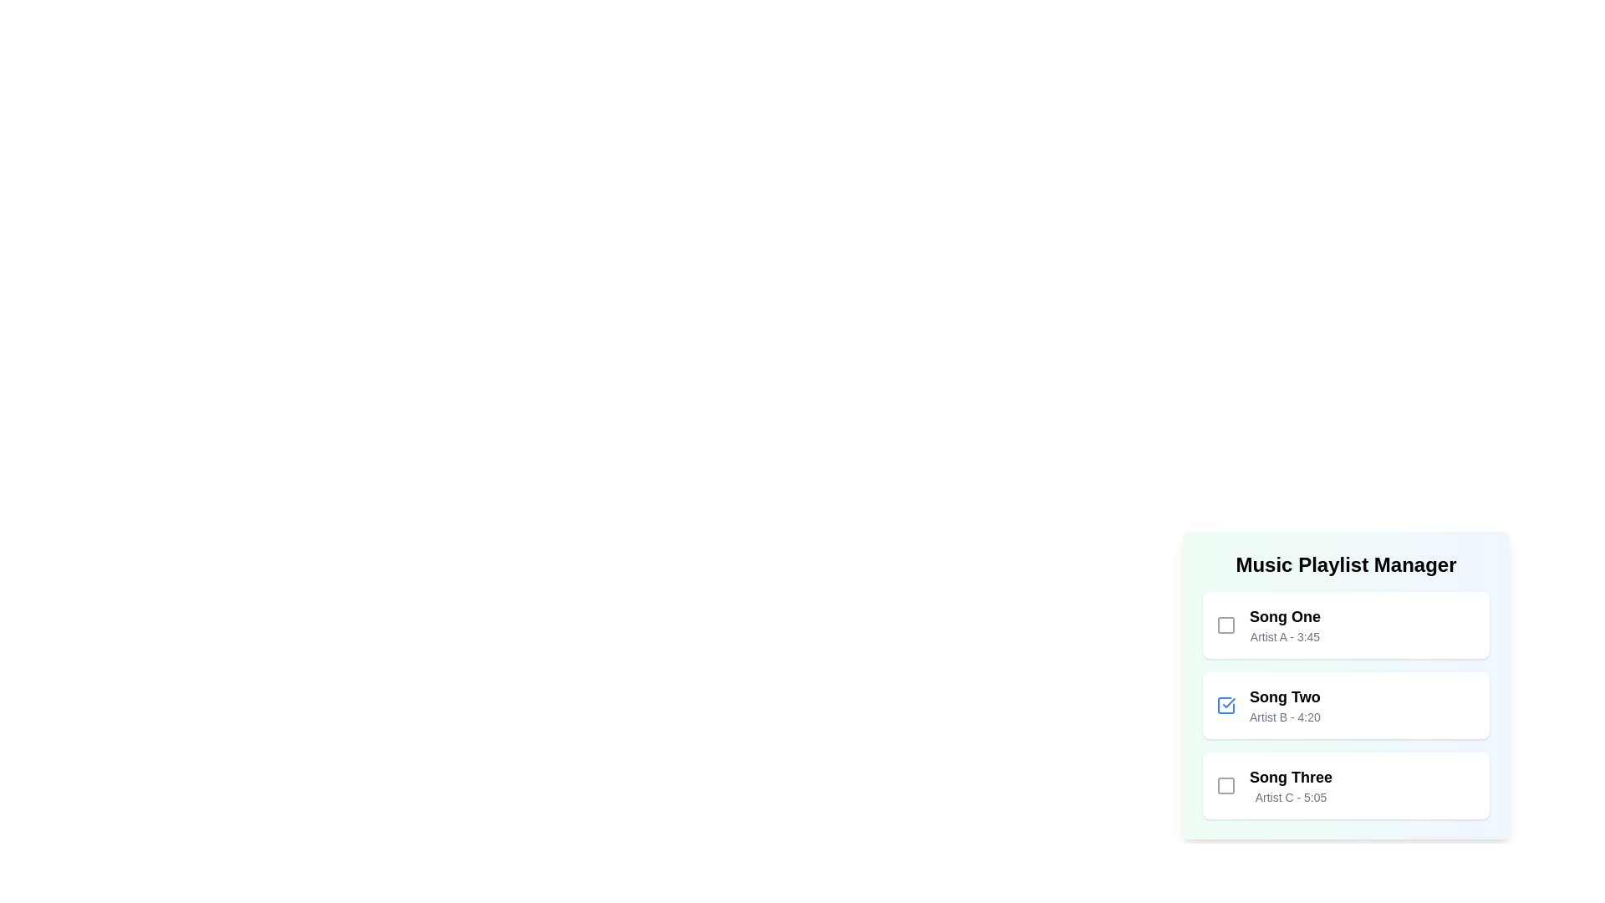 Image resolution: width=1605 pixels, height=903 pixels. Describe the element at coordinates (1290, 796) in the screenshot. I see `the text label displaying the artist's name and track duration at the bottom of the 'Song Three' card in the 'Music Playlist Manager'` at that location.